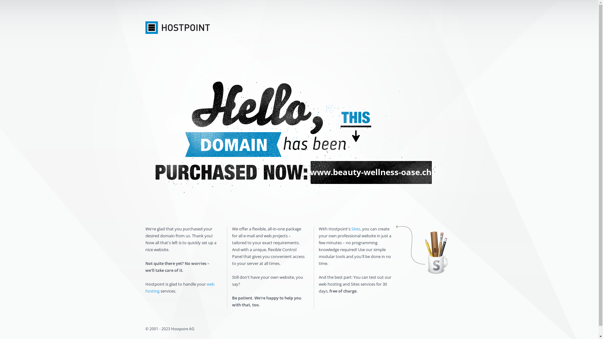  I want to click on 'web hosting', so click(179, 287).